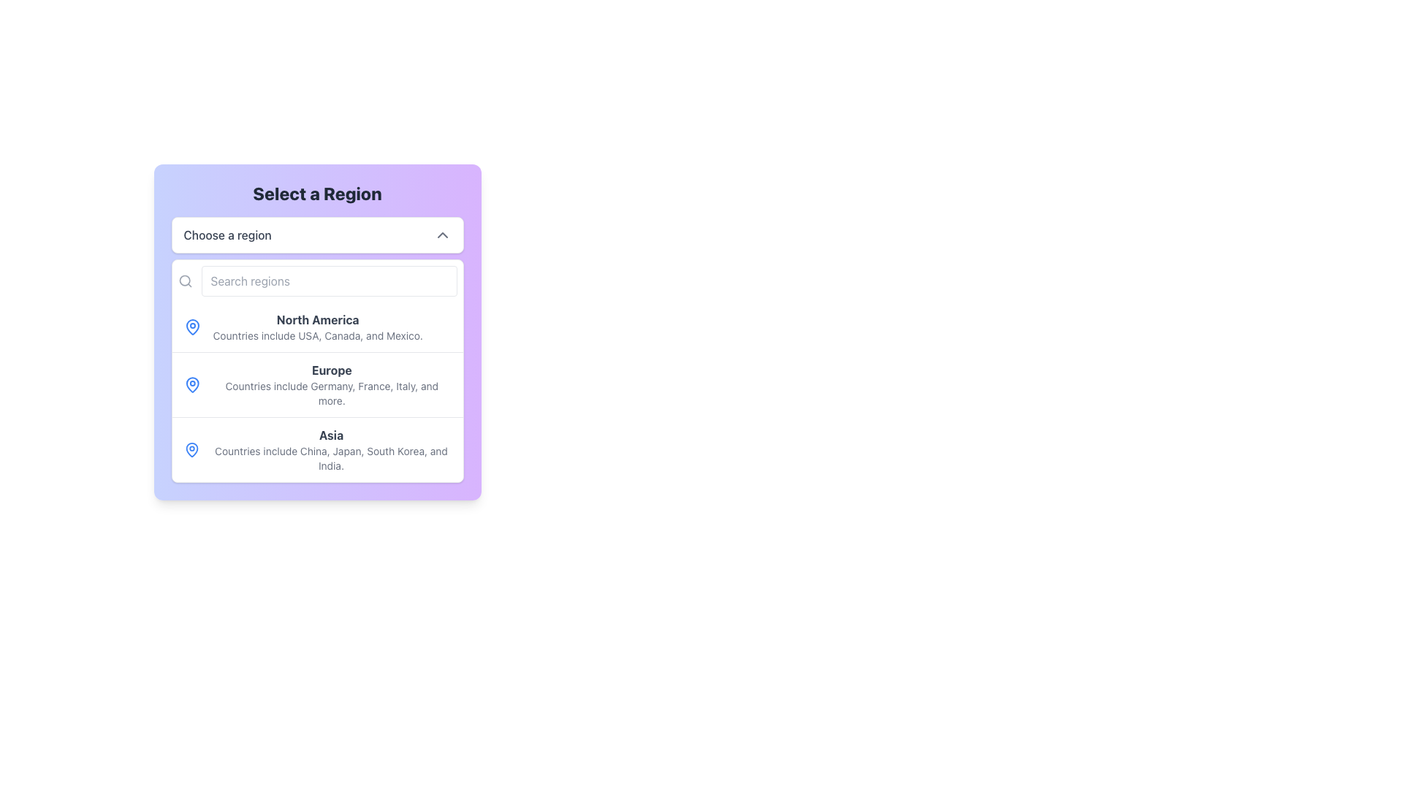 The width and height of the screenshot is (1403, 789). Describe the element at coordinates (330, 458) in the screenshot. I see `descriptive text label below the bold 'Asia' text, which describes the countries in Asia: 'Countries include China, Japan, South Korea, and India.'` at that location.